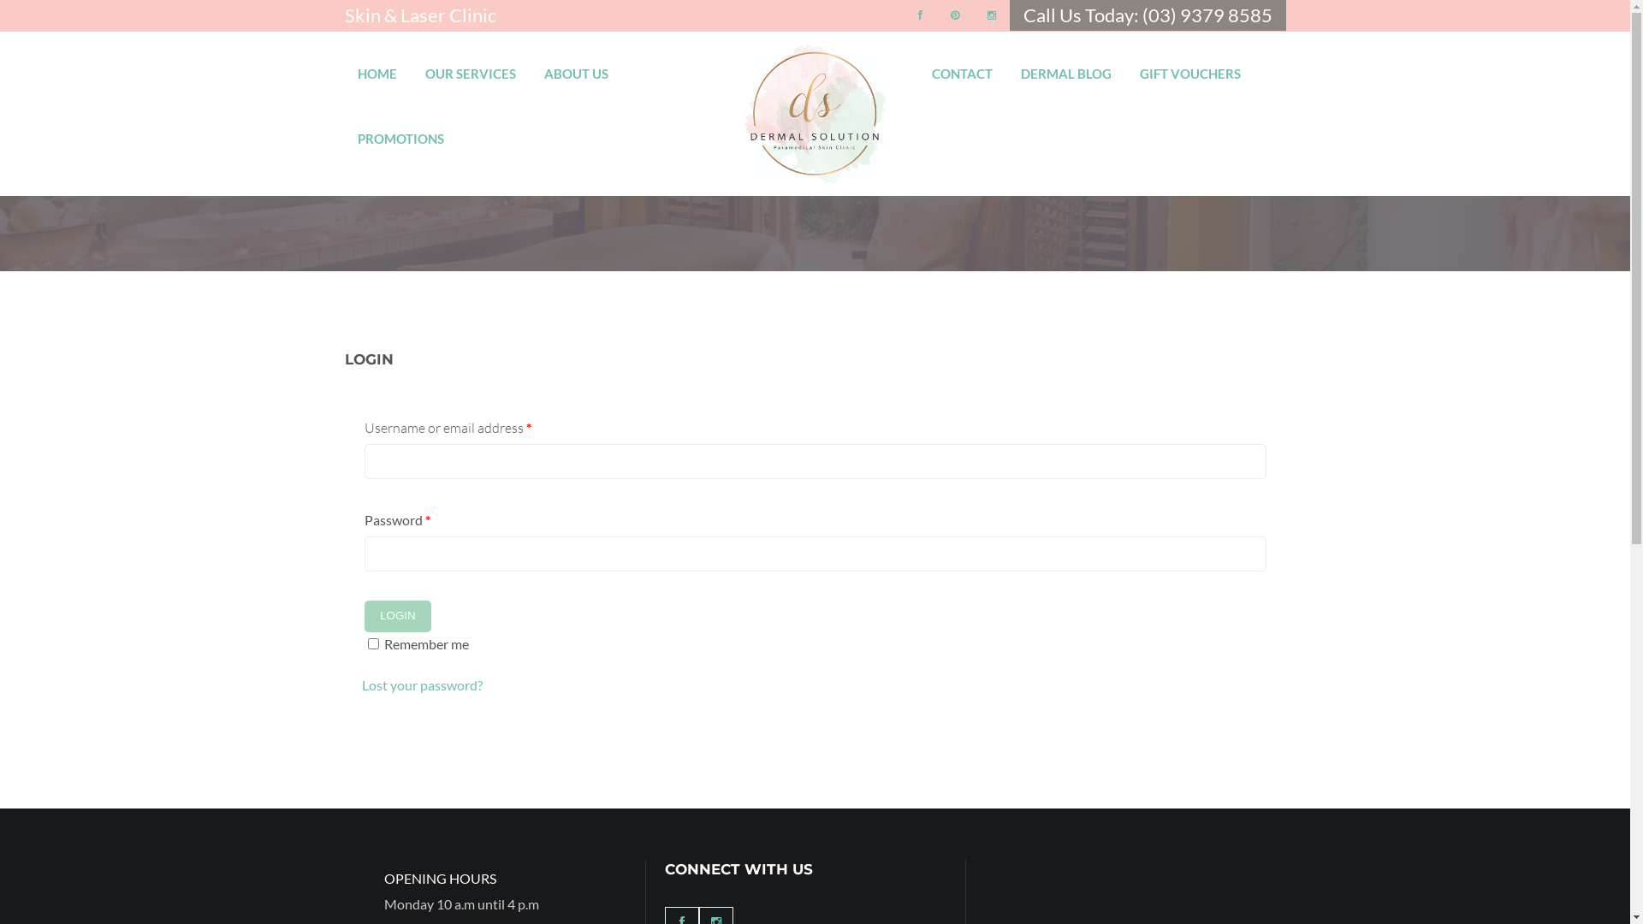 This screenshot has width=1643, height=924. Describe the element at coordinates (377, 65) in the screenshot. I see `'HOME'` at that location.